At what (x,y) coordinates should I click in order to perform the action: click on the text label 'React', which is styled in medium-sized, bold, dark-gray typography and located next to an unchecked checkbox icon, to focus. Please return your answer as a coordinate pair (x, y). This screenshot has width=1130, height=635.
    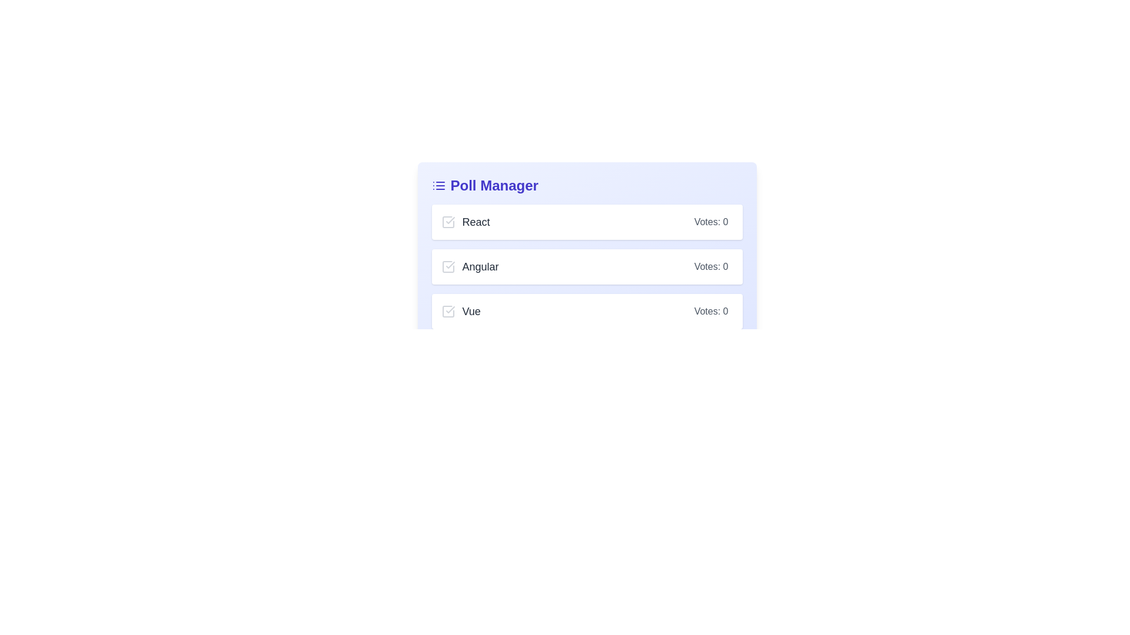
    Looking at the image, I should click on (465, 222).